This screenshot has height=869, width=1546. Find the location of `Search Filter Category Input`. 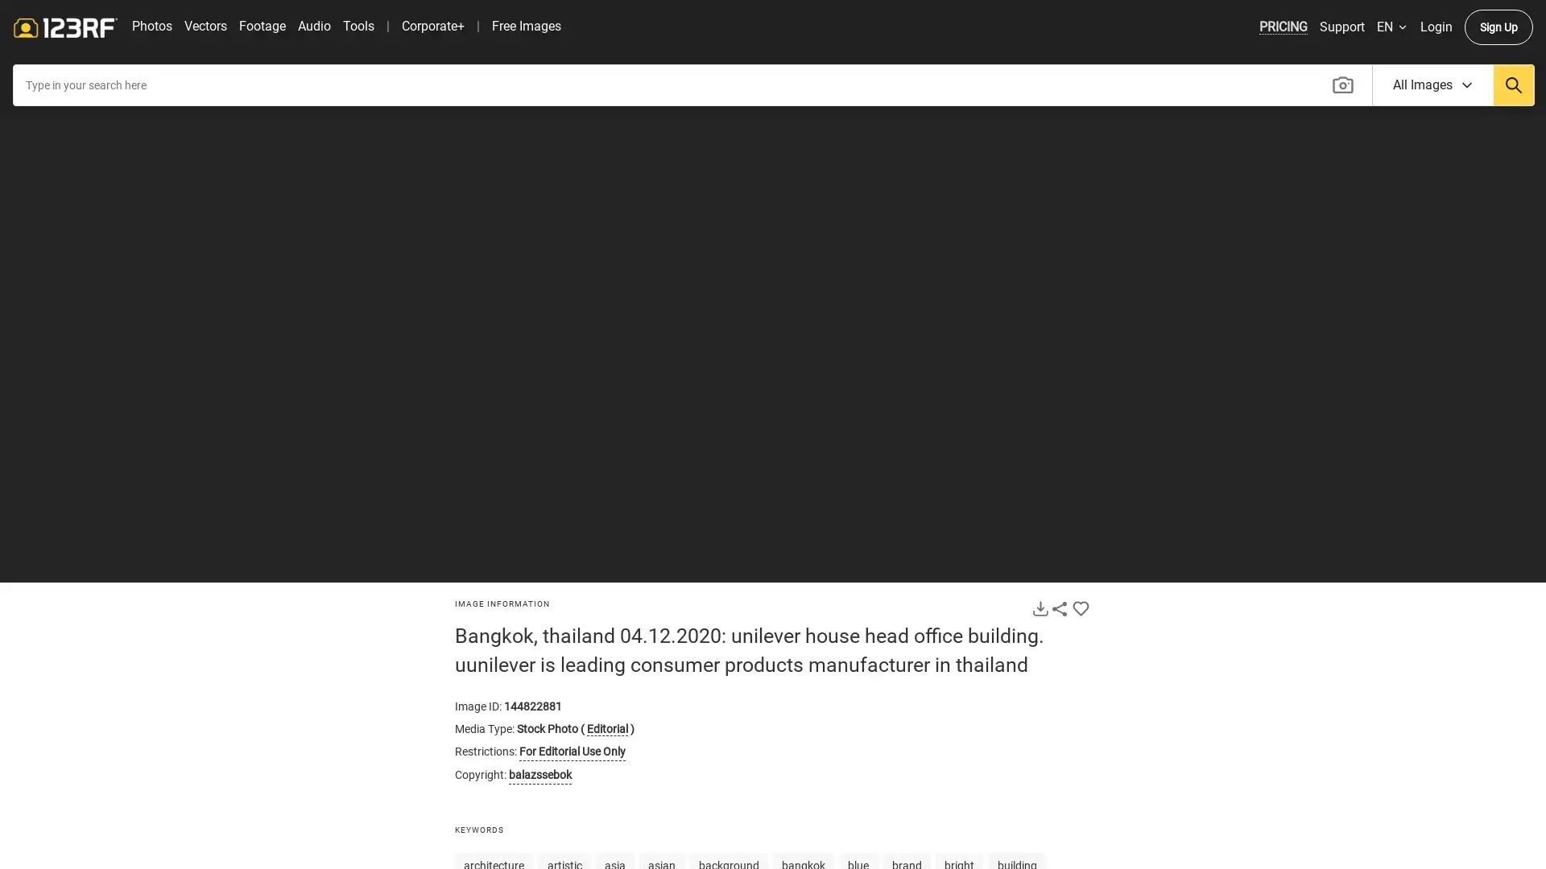

Search Filter Category Input is located at coordinates (1433, 141).